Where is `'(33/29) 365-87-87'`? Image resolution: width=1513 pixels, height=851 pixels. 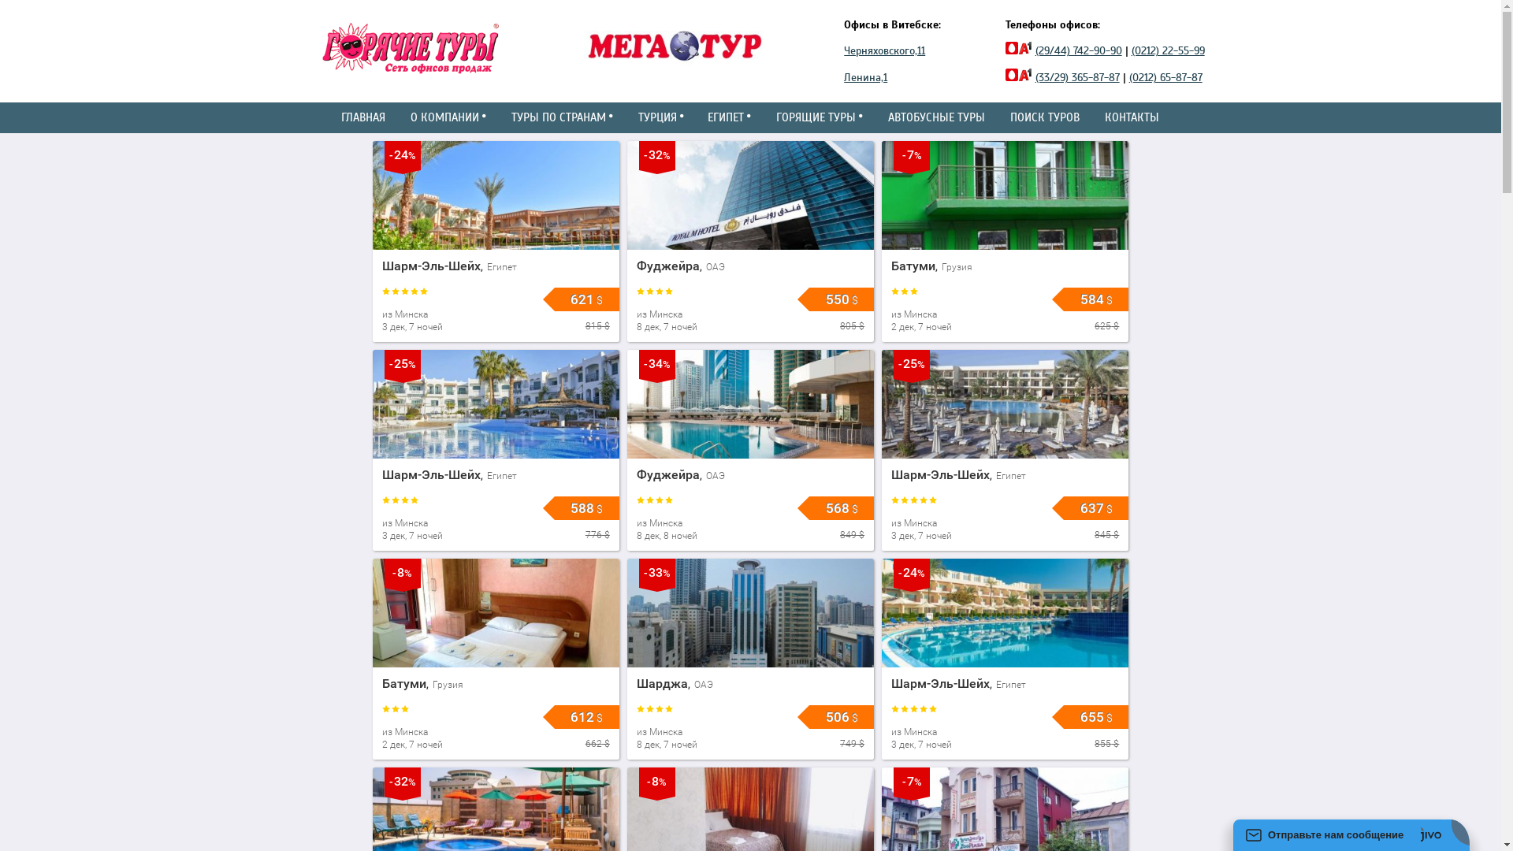
'(33/29) 365-87-87' is located at coordinates (1076, 77).